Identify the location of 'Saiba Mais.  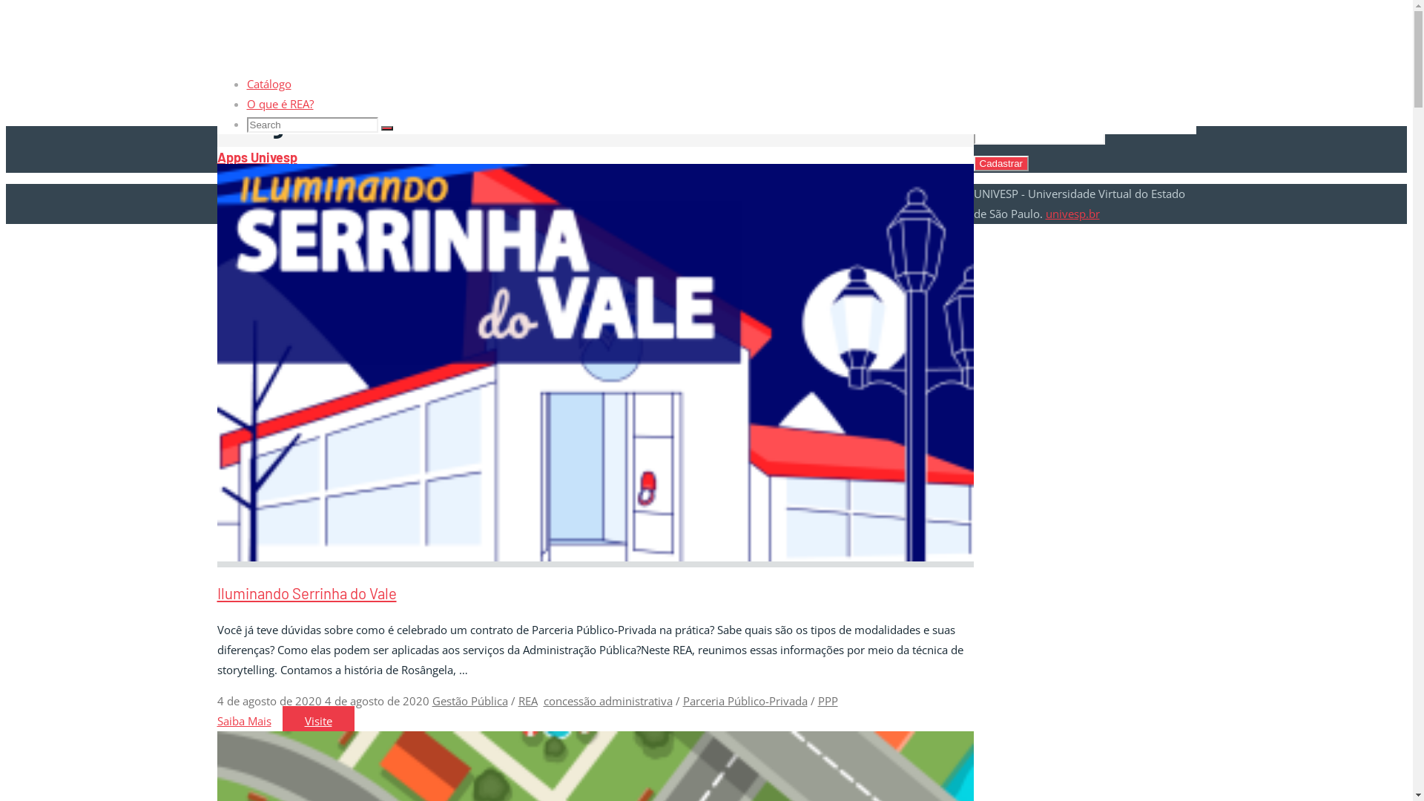
(216, 720).